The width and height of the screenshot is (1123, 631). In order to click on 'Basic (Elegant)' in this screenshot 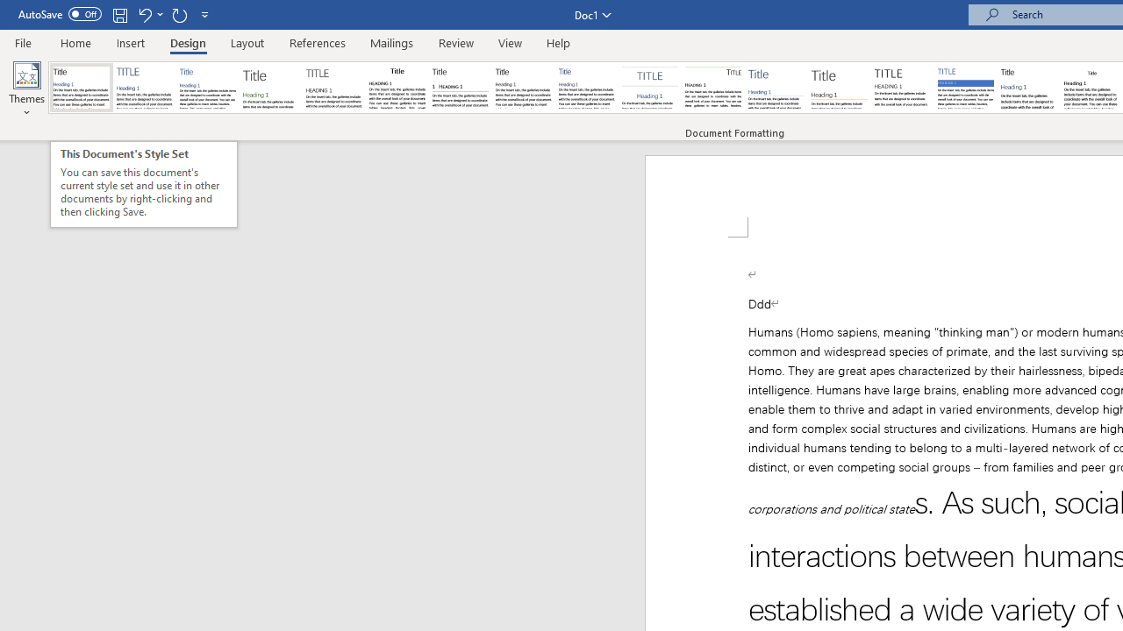, I will do `click(145, 88)`.